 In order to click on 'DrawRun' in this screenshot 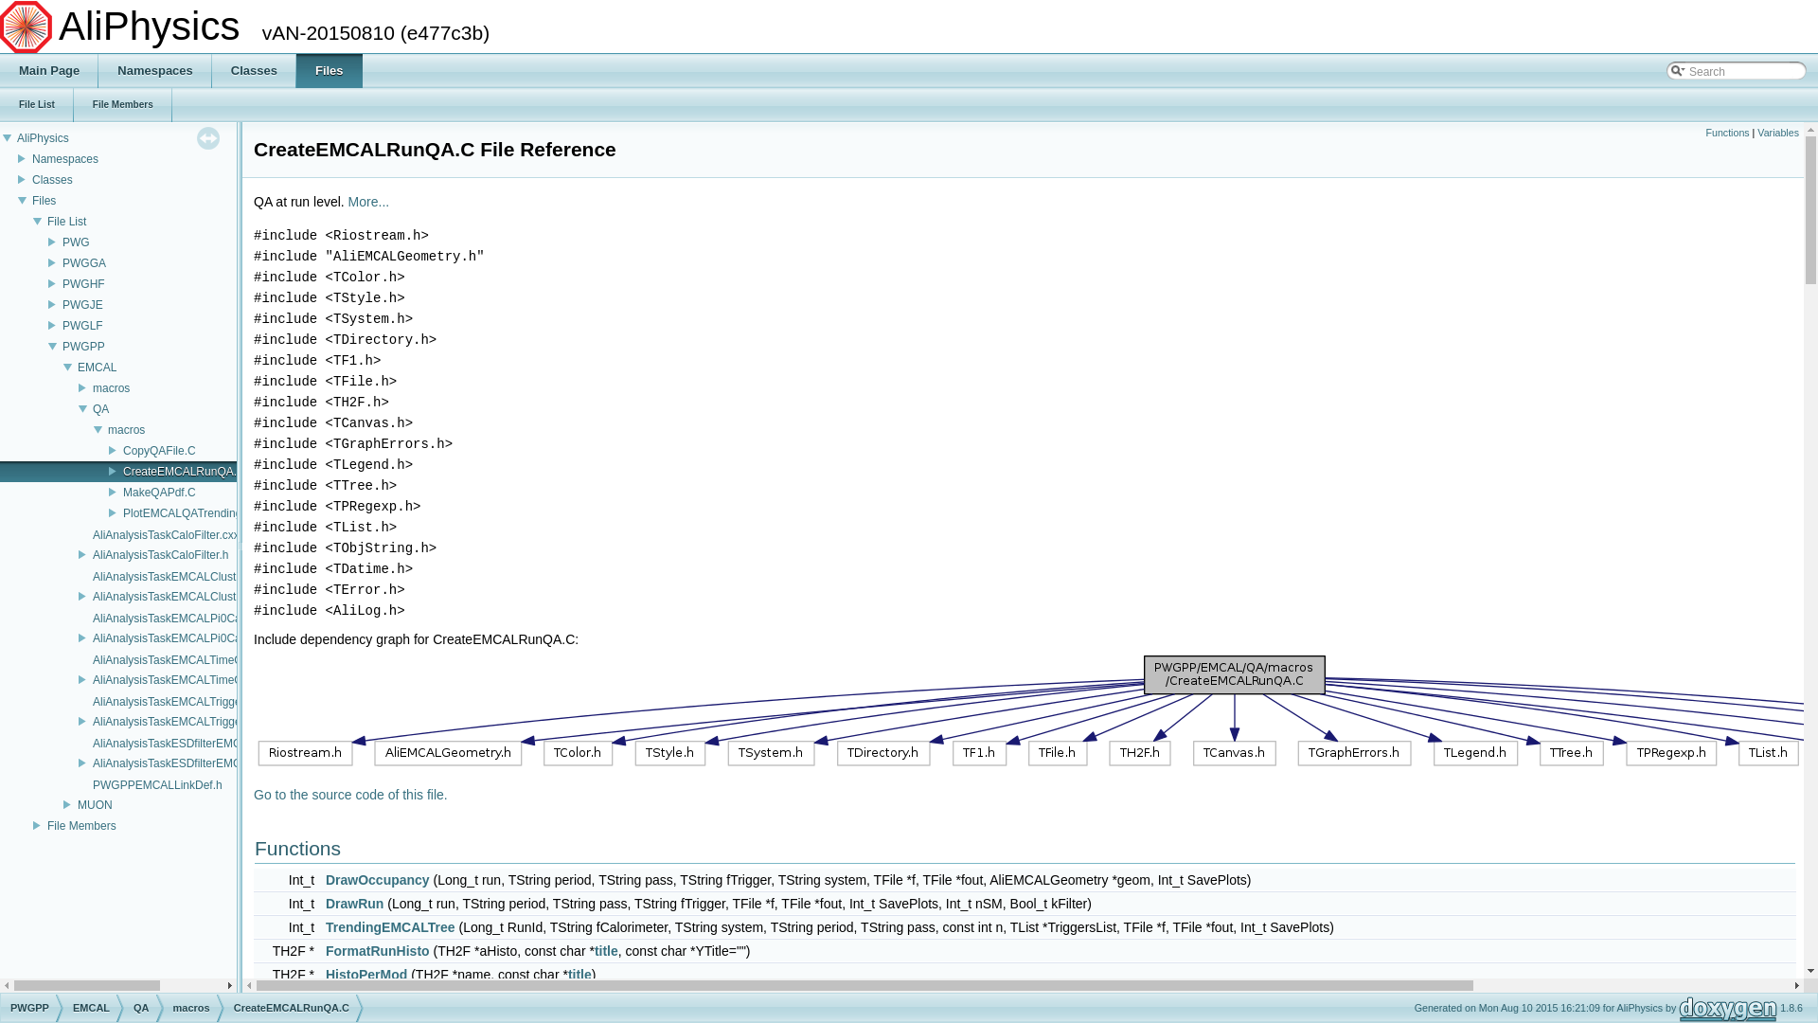, I will do `click(326, 902)`.